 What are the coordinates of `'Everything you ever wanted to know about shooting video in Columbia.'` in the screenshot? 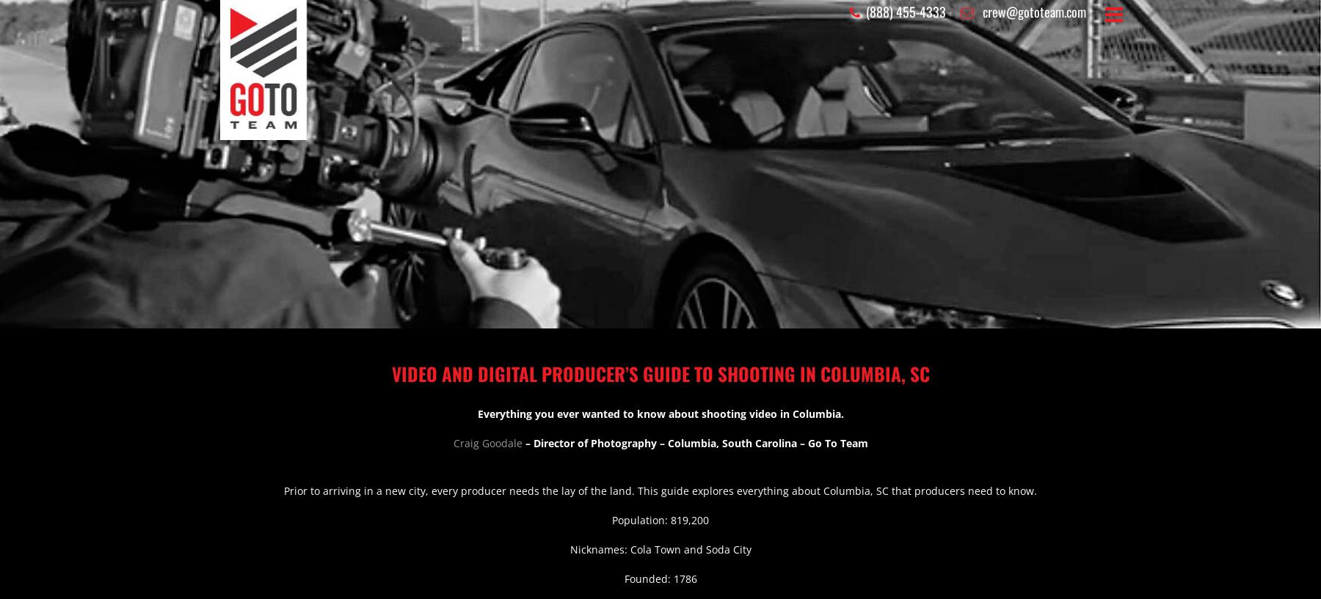 It's located at (660, 413).